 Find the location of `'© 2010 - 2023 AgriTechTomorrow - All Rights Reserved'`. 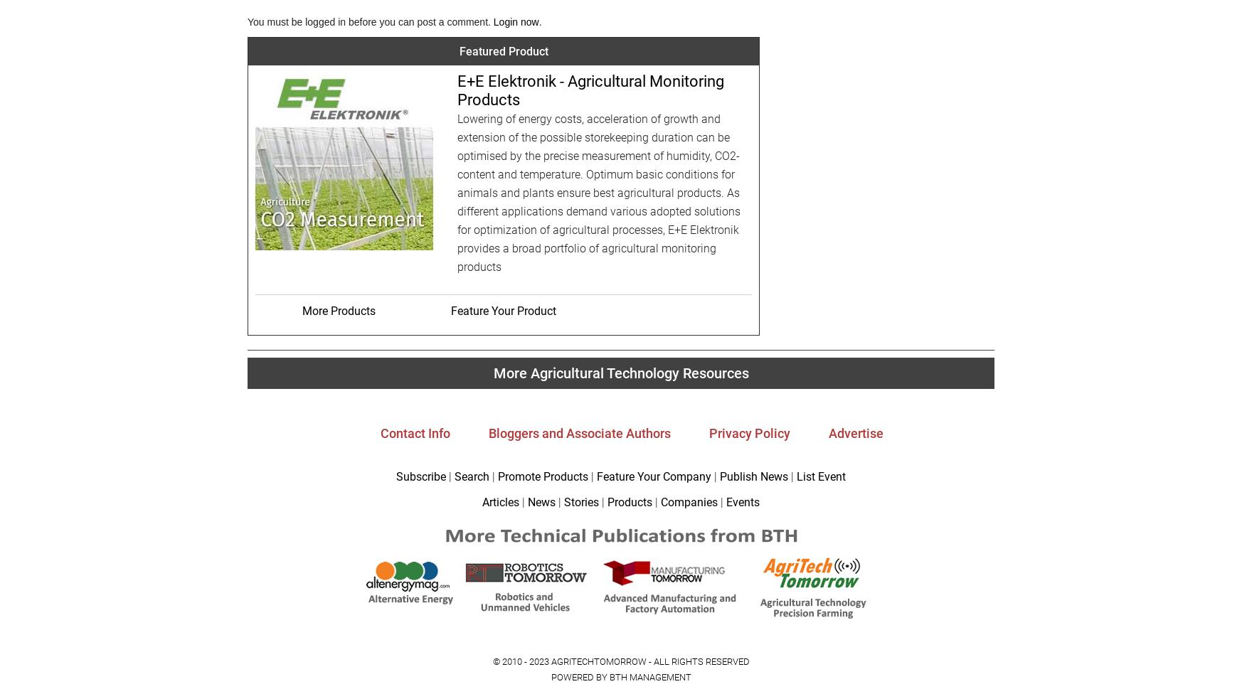

'© 2010 - 2023 AgriTechTomorrow - All Rights Reserved' is located at coordinates (492, 661).